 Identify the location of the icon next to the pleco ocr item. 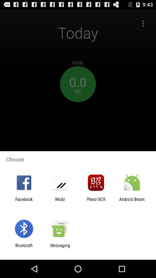
(132, 202).